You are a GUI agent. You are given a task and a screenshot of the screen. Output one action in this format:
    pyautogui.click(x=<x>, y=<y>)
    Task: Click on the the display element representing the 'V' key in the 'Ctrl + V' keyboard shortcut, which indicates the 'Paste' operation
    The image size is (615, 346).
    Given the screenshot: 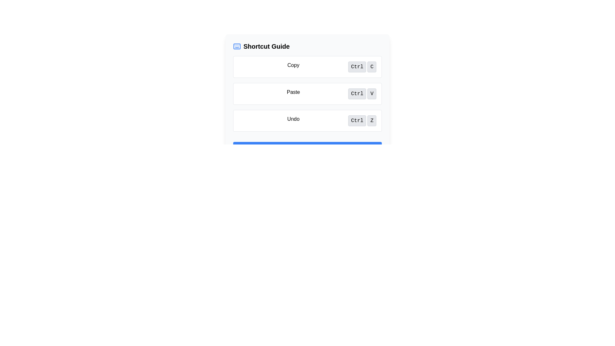 What is the action you would take?
    pyautogui.click(x=372, y=94)
    